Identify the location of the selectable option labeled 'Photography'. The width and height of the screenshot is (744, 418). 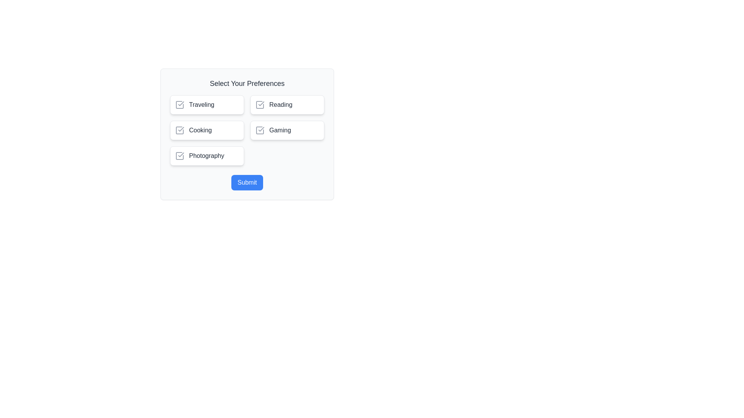
(207, 156).